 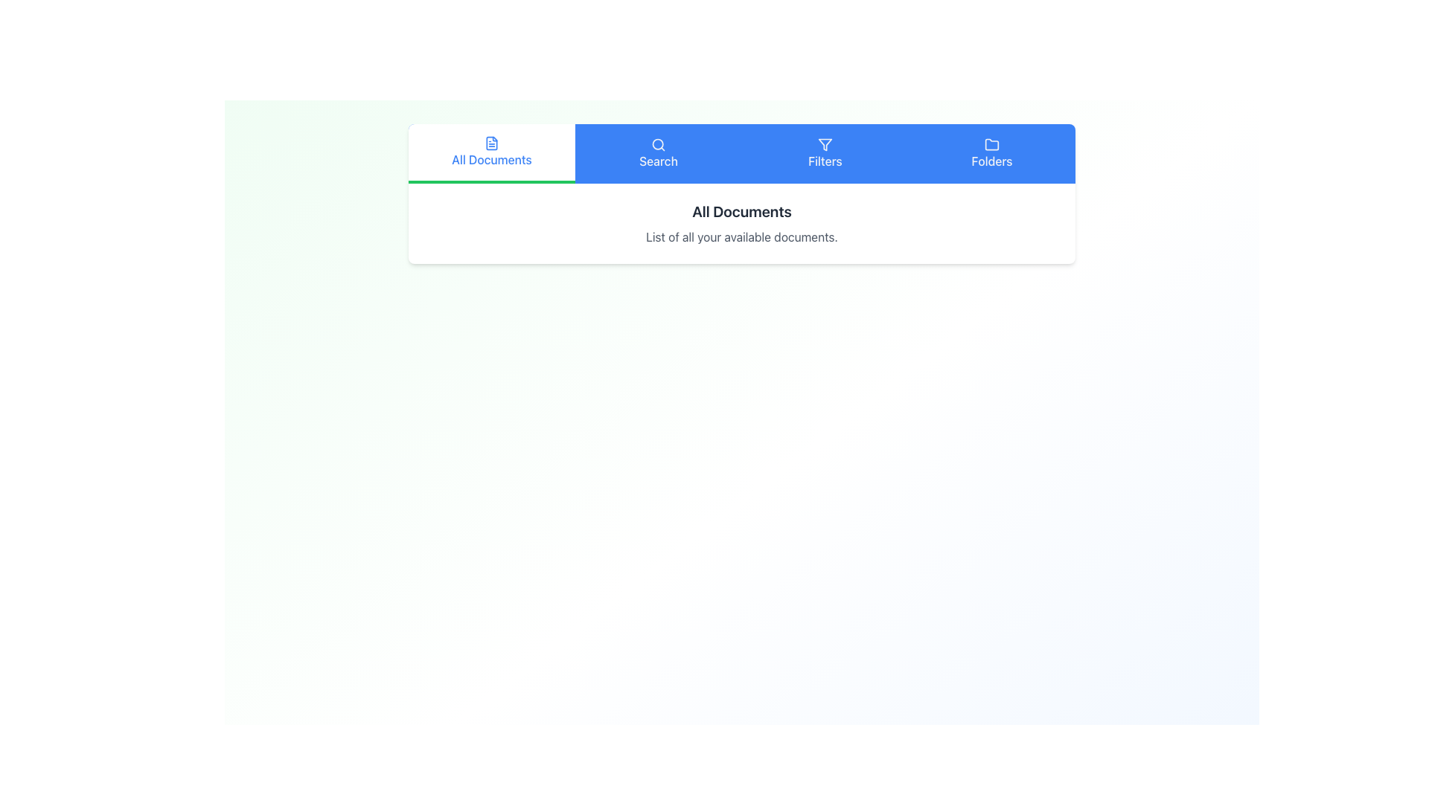 I want to click on the section indicated by the textual header 'All Documents' with the subtext 'List of all your available documents.', so click(x=742, y=223).